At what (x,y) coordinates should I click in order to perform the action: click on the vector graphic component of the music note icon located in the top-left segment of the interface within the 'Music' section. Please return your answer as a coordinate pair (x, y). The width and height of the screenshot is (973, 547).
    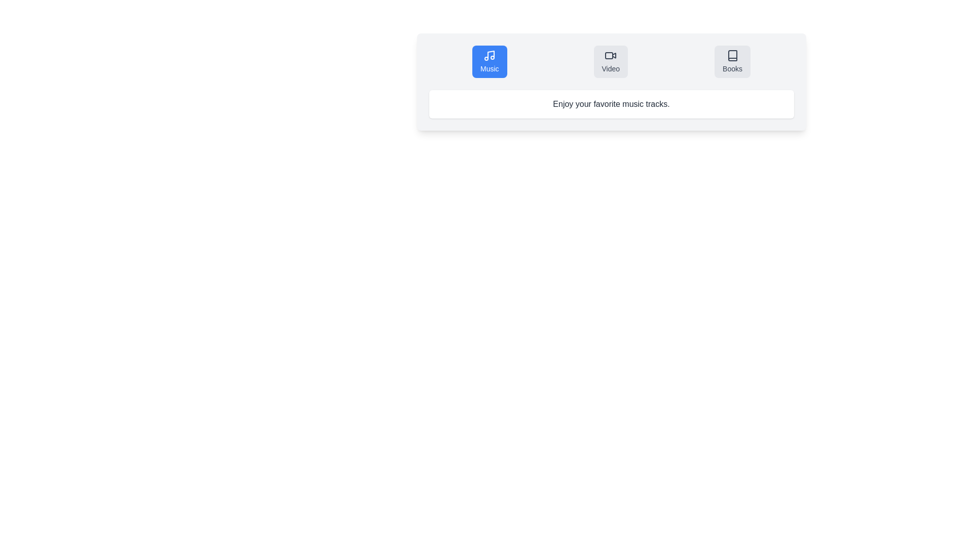
    Looking at the image, I should click on (491, 55).